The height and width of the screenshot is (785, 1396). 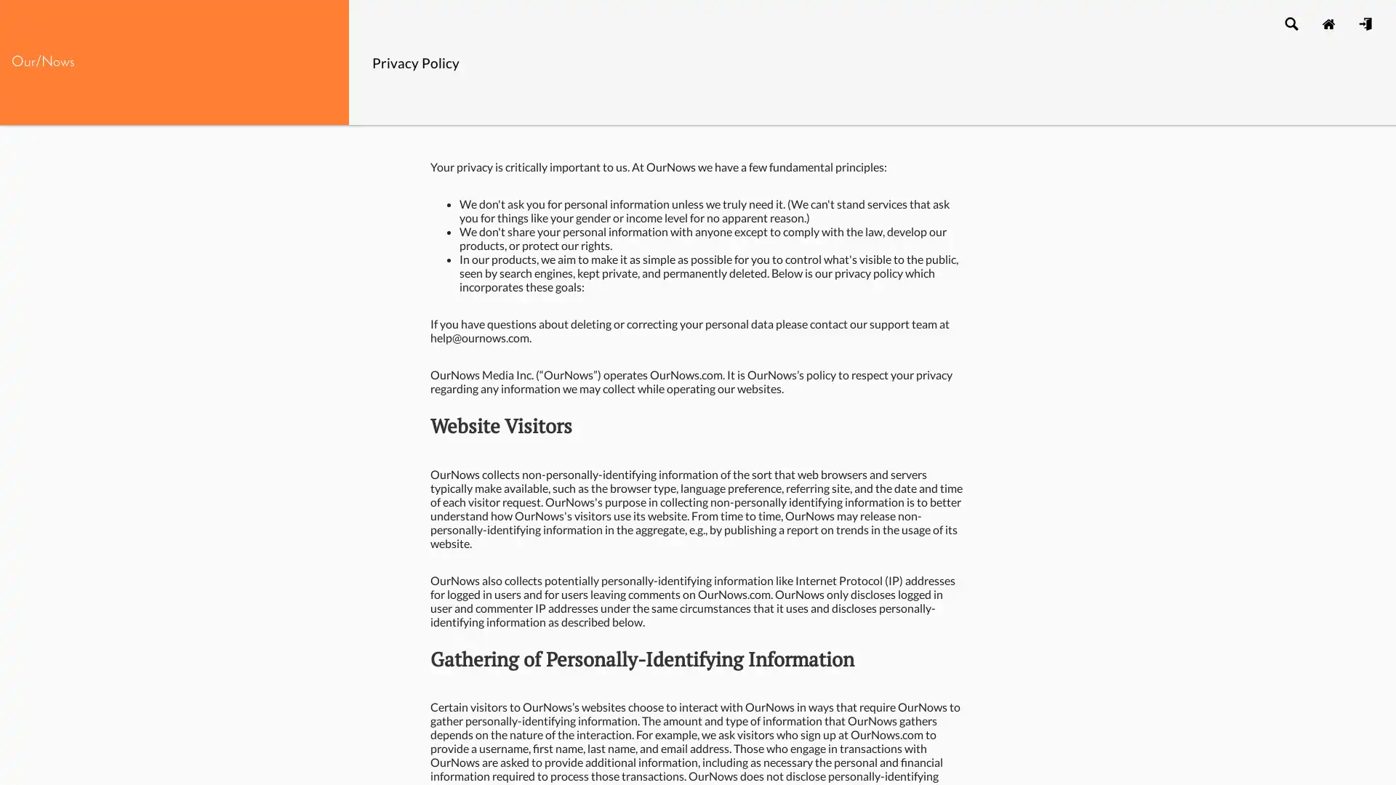 I want to click on Your Now, so click(x=1328, y=23).